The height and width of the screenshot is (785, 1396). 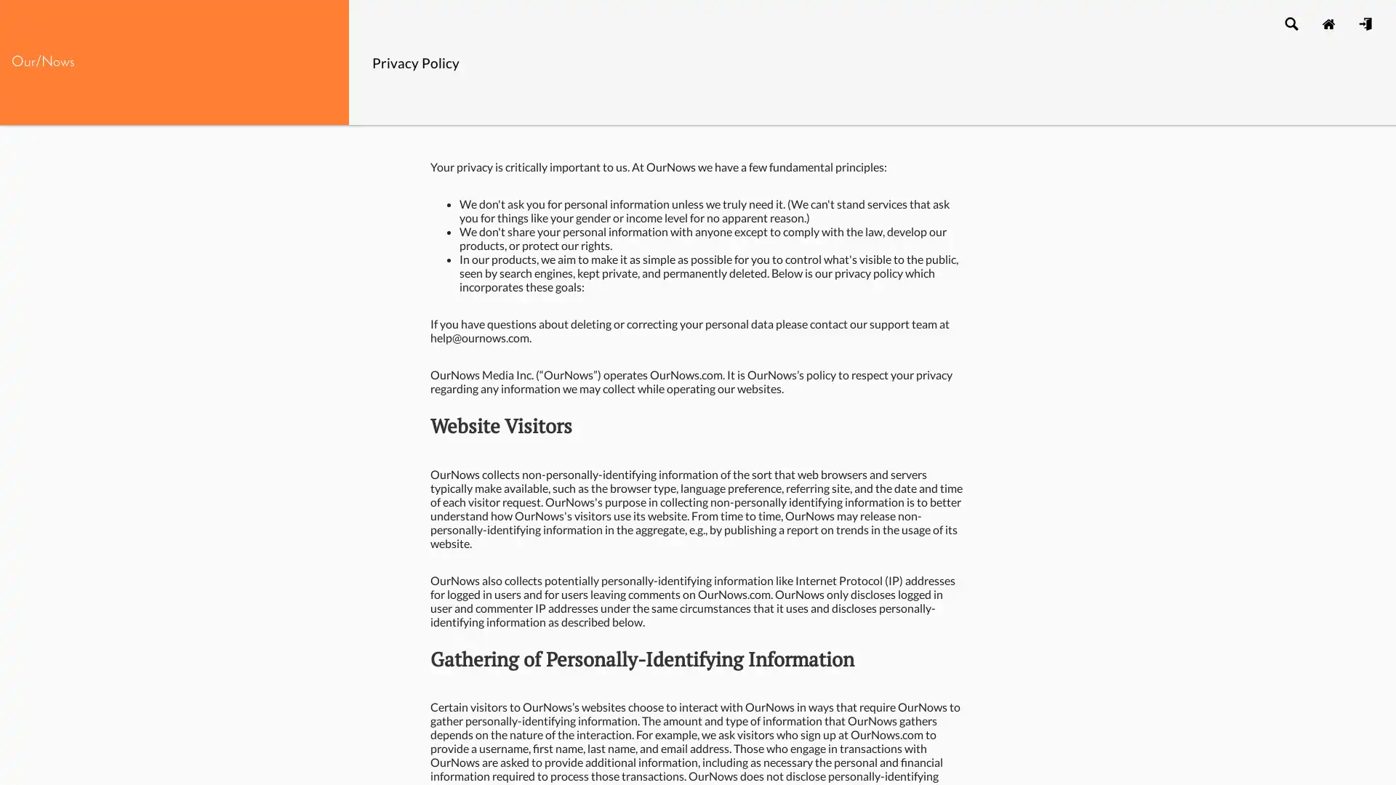 I want to click on Your Now, so click(x=1328, y=23).